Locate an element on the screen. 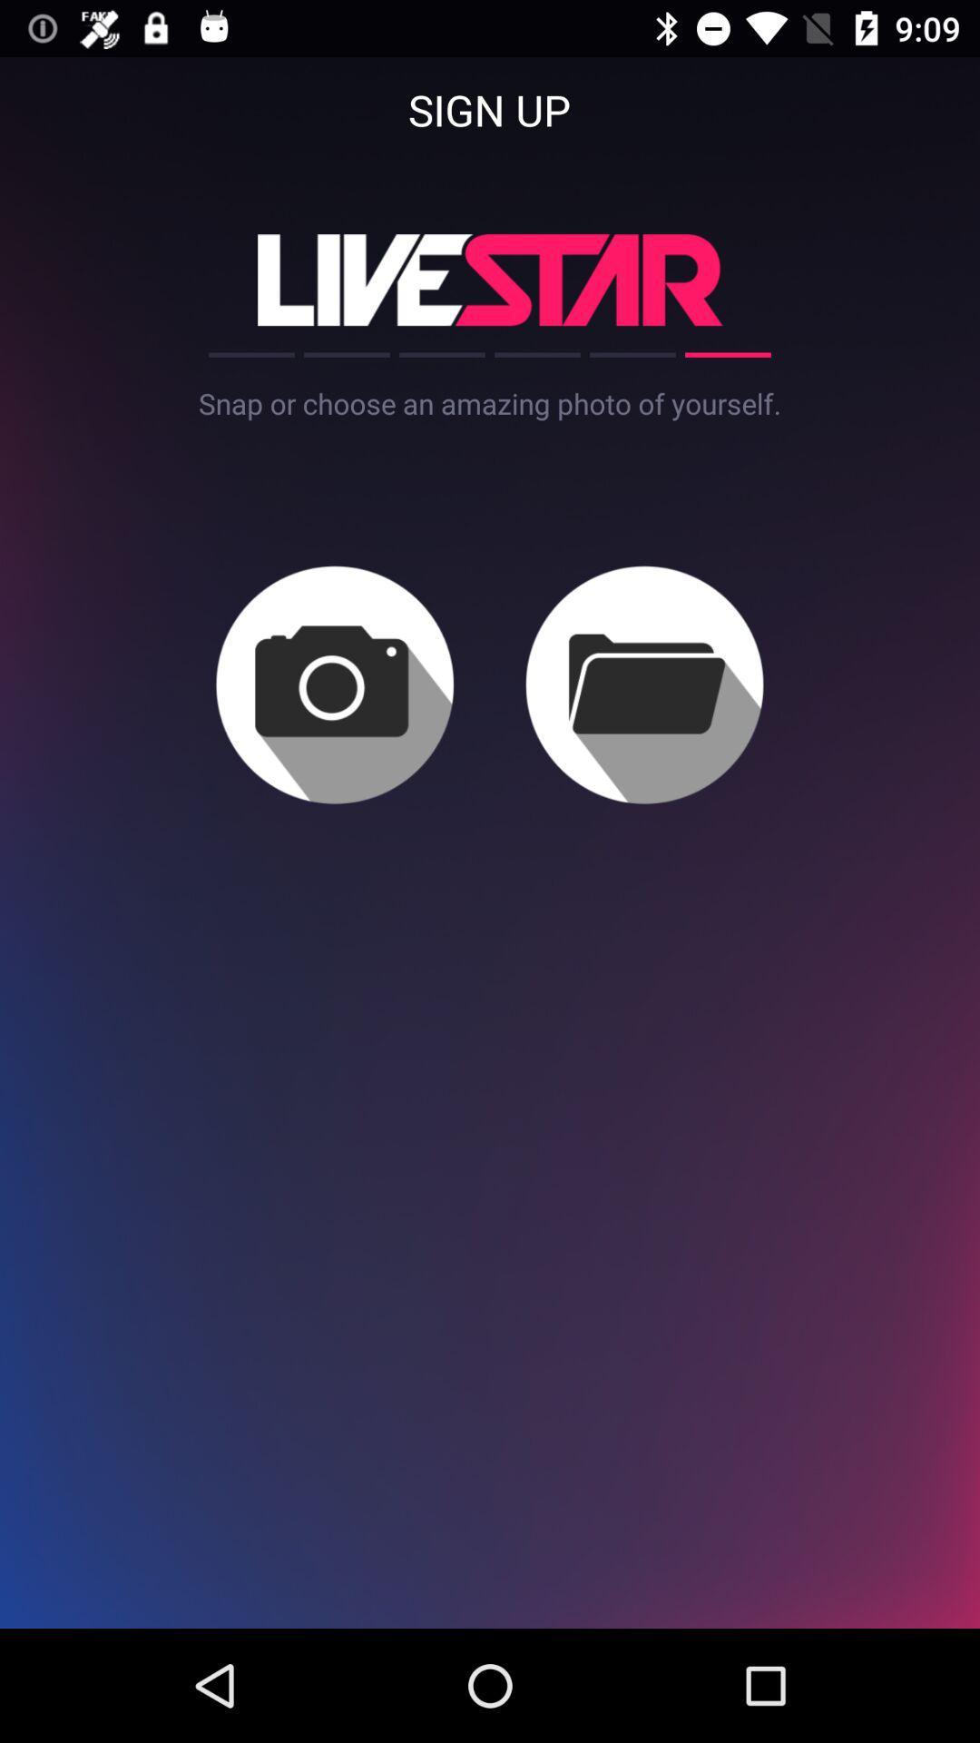 This screenshot has width=980, height=1743. icon below the snap or choose item is located at coordinates (643, 684).